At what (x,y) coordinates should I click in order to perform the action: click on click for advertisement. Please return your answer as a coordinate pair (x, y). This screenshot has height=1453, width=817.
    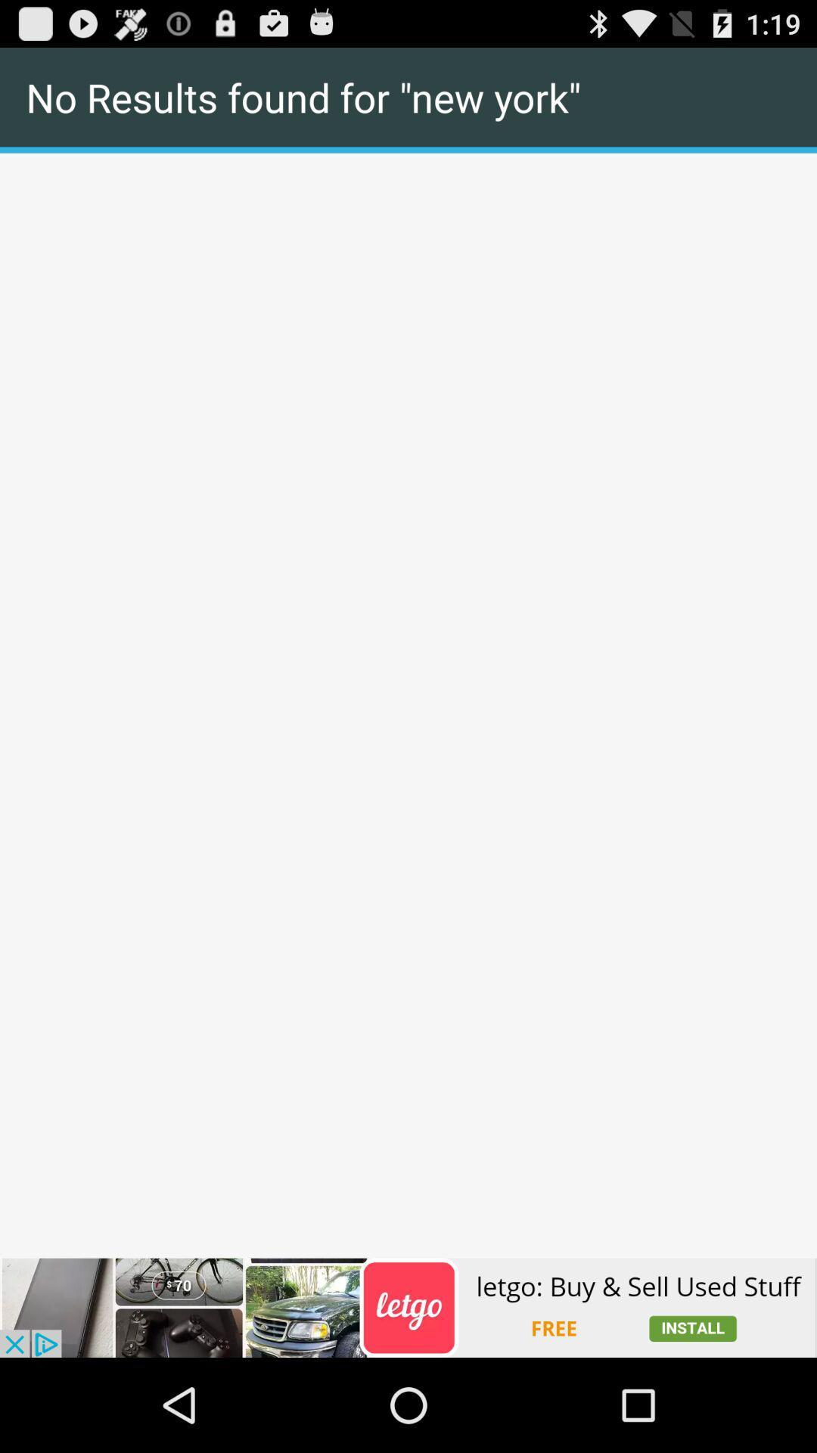
    Looking at the image, I should click on (408, 1307).